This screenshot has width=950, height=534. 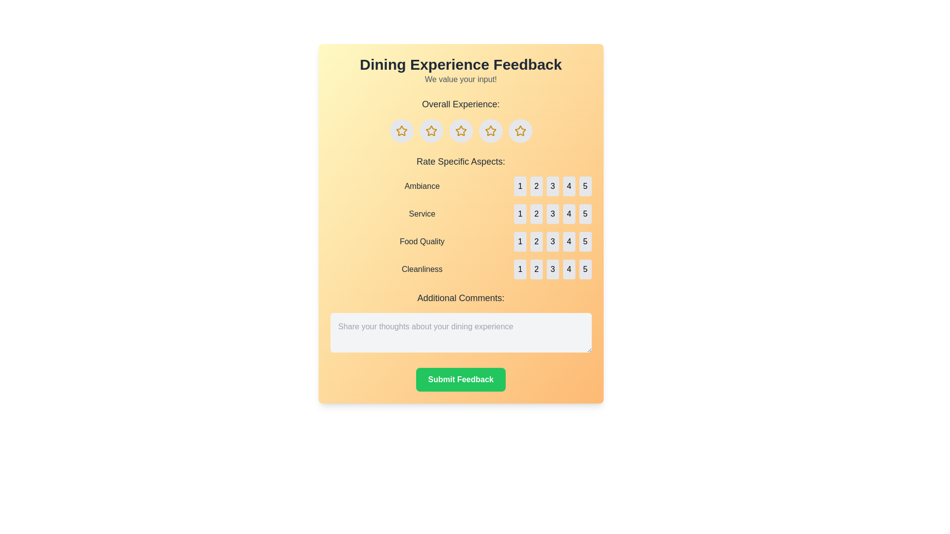 What do you see at coordinates (460, 65) in the screenshot?
I see `the prominently styled header with the text 'Dining Experience Feedback', which is located at the top-center of the interface and serves as the primary title of the page` at bounding box center [460, 65].